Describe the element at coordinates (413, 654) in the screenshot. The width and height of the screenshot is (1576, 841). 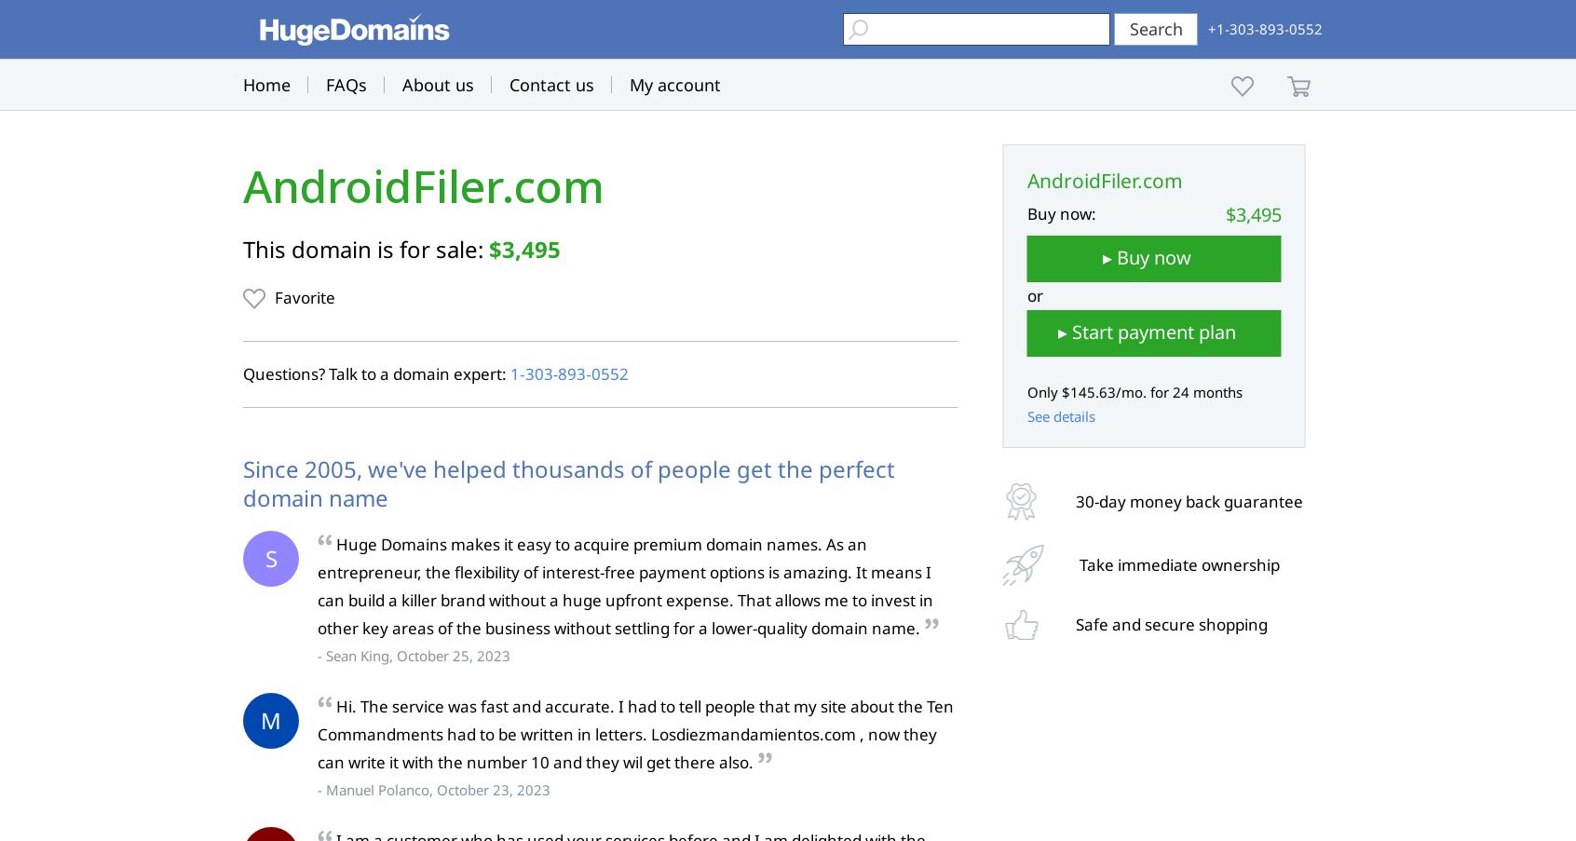
I see `'- Sean King, October 25, 2023'` at that location.